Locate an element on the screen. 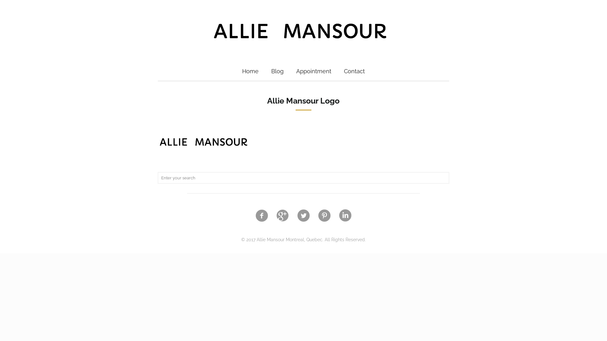  'Blog' is located at coordinates (277, 71).